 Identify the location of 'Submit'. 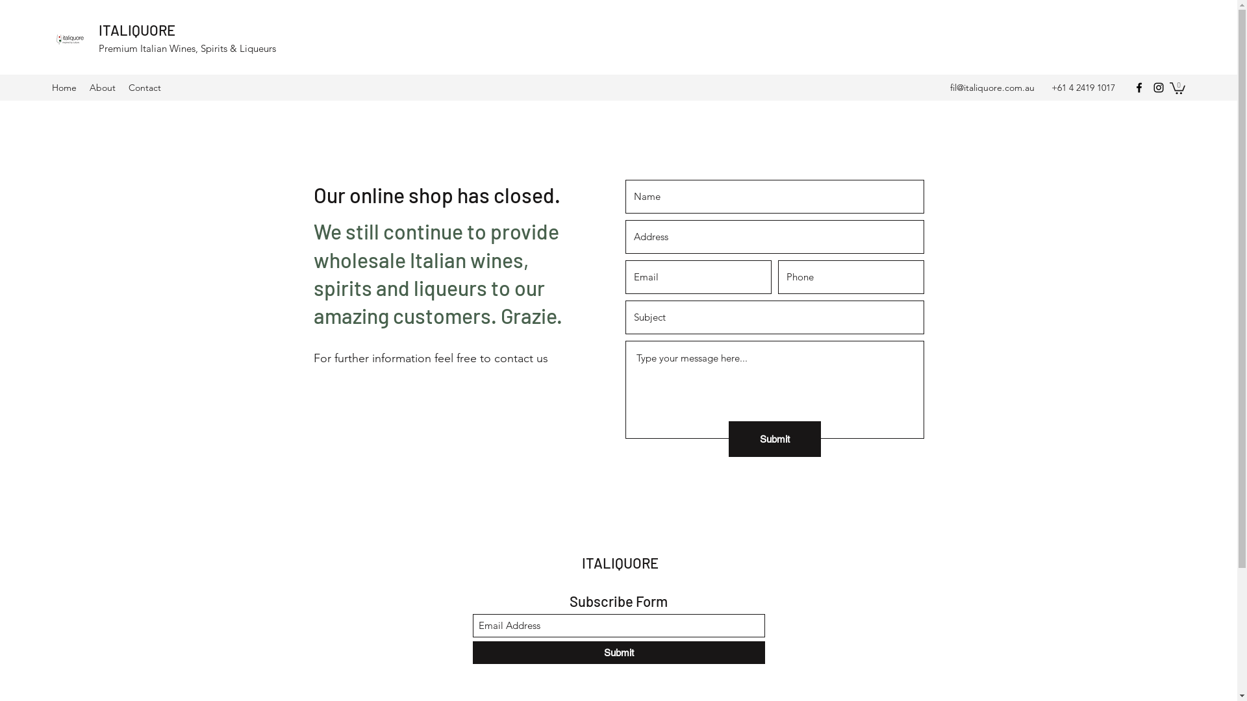
(618, 652).